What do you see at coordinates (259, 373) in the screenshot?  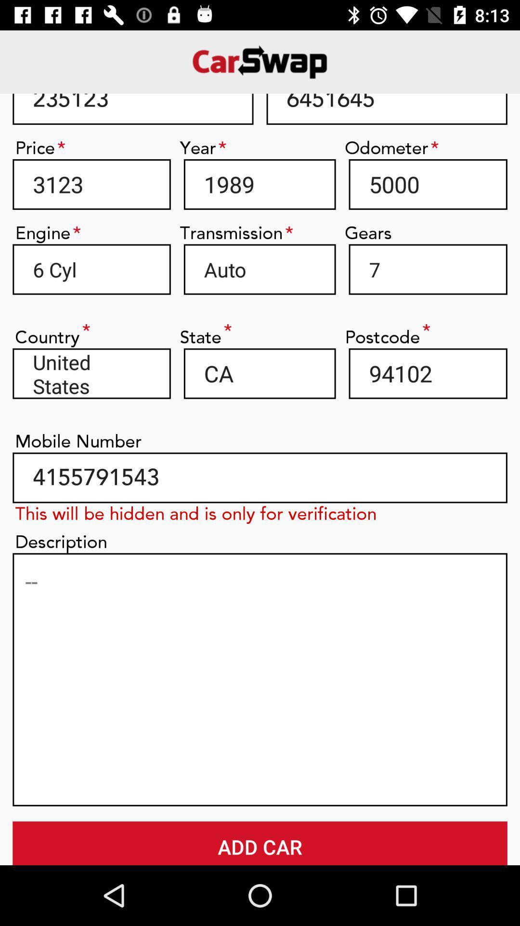 I see `item next to postcode icon` at bounding box center [259, 373].